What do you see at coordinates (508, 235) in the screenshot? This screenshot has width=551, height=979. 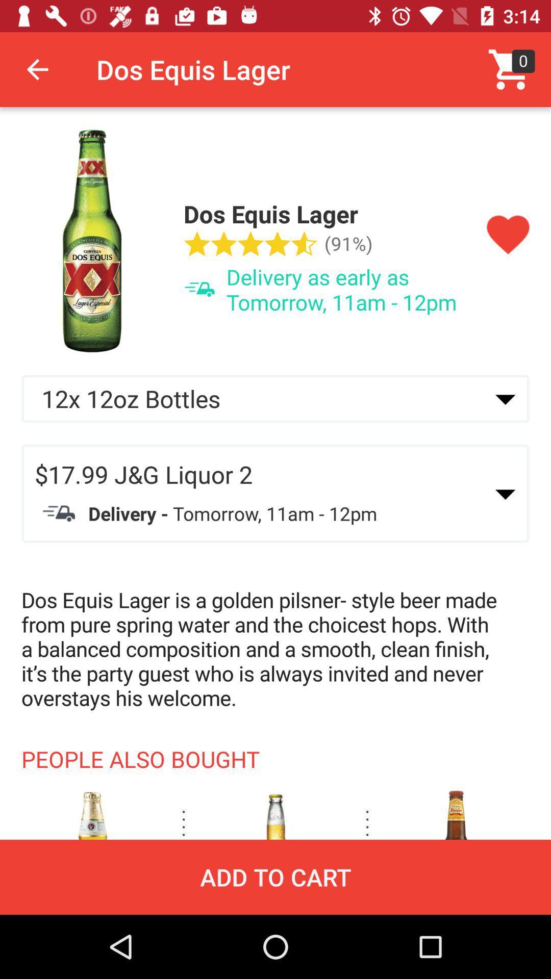 I see `love this` at bounding box center [508, 235].